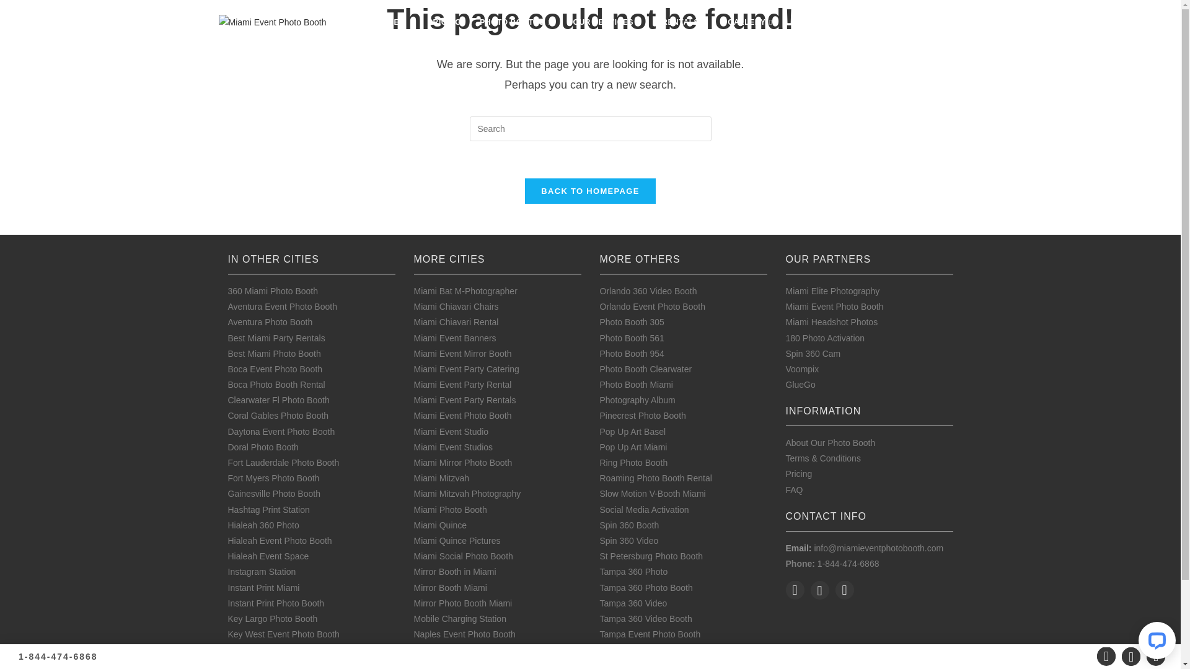 The image size is (1190, 669). Describe the element at coordinates (276, 338) in the screenshot. I see `'Best Miami Party Rentals'` at that location.